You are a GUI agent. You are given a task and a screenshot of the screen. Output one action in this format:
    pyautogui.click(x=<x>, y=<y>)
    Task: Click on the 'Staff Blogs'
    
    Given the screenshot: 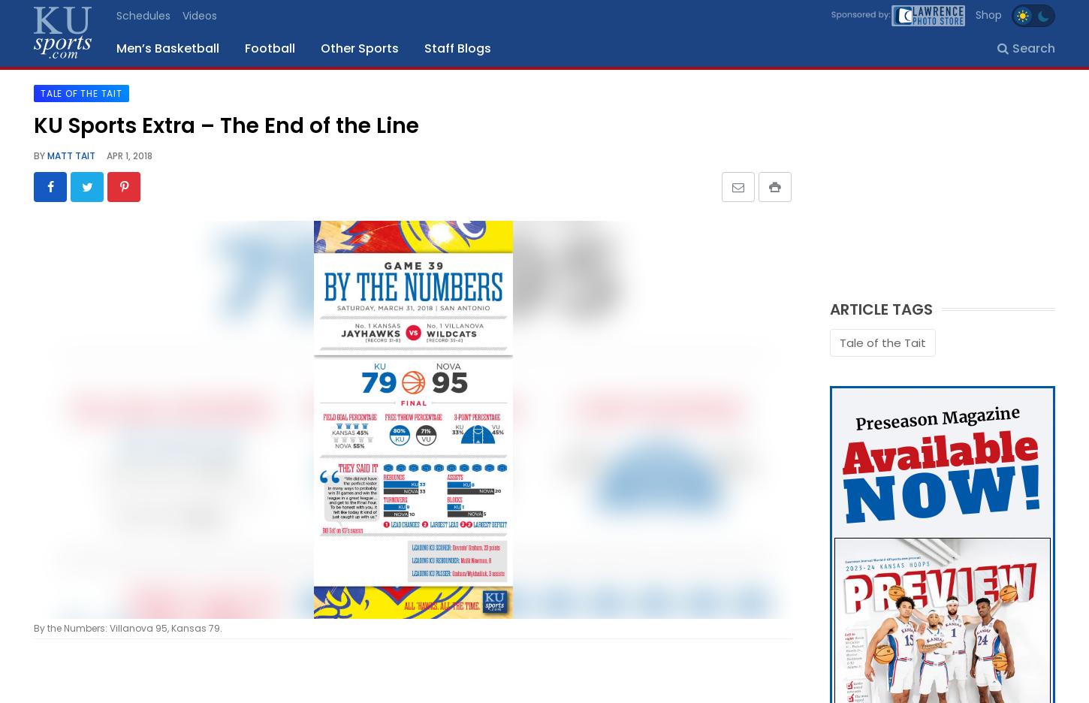 What is the action you would take?
    pyautogui.click(x=424, y=47)
    